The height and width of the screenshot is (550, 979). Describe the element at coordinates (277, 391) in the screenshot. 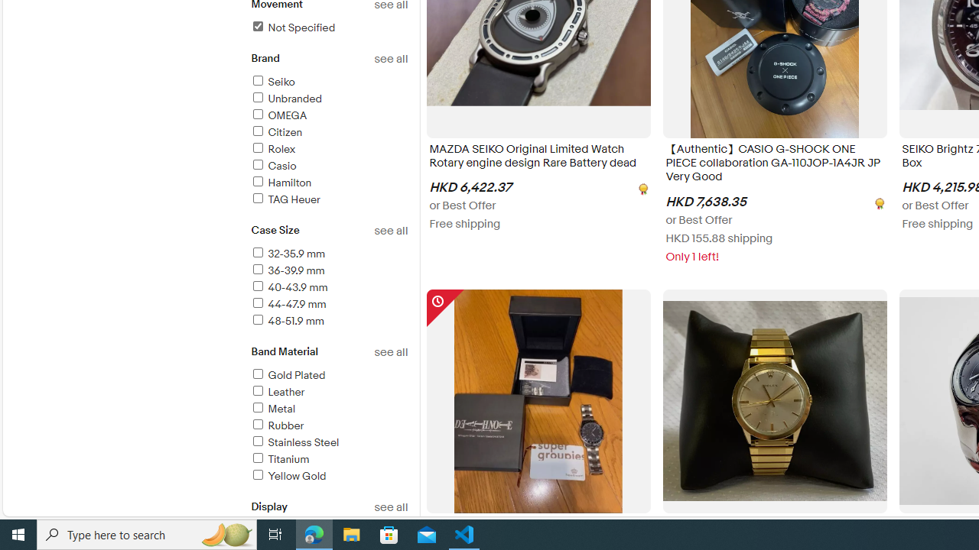

I see `'Leather'` at that location.